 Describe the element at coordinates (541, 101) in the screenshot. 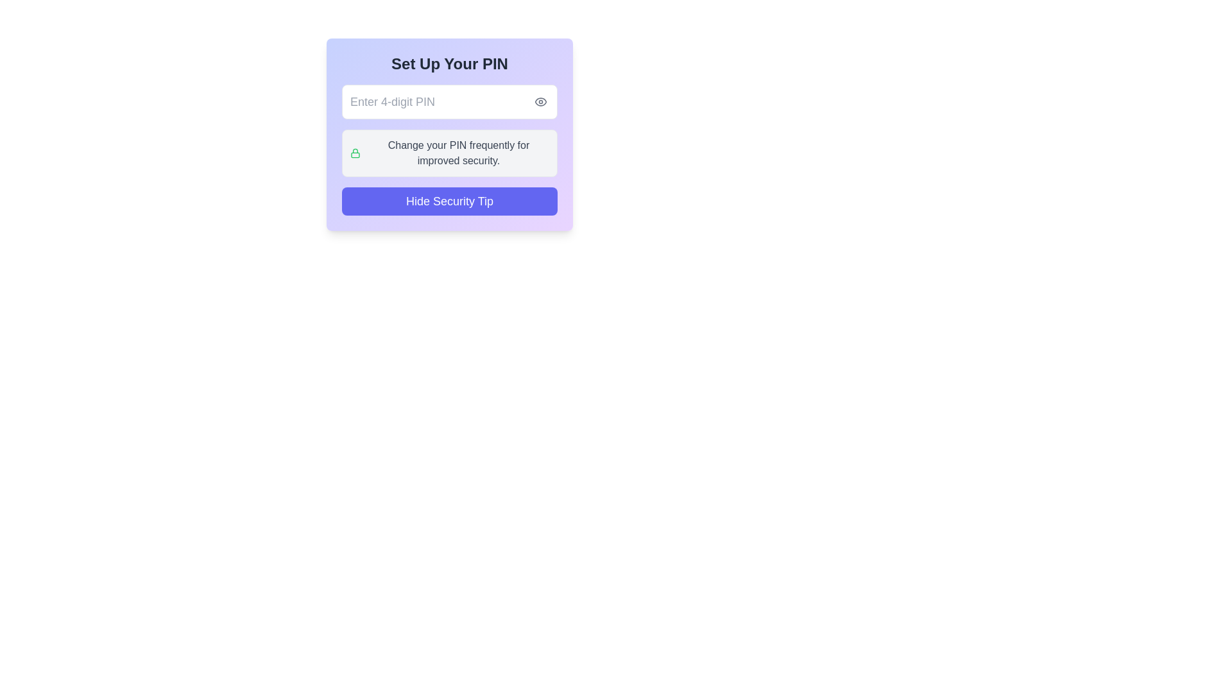

I see `the eye-shaped SVG icon in the top-right corner of the 'Enter 4-digit PIN' input field` at that location.